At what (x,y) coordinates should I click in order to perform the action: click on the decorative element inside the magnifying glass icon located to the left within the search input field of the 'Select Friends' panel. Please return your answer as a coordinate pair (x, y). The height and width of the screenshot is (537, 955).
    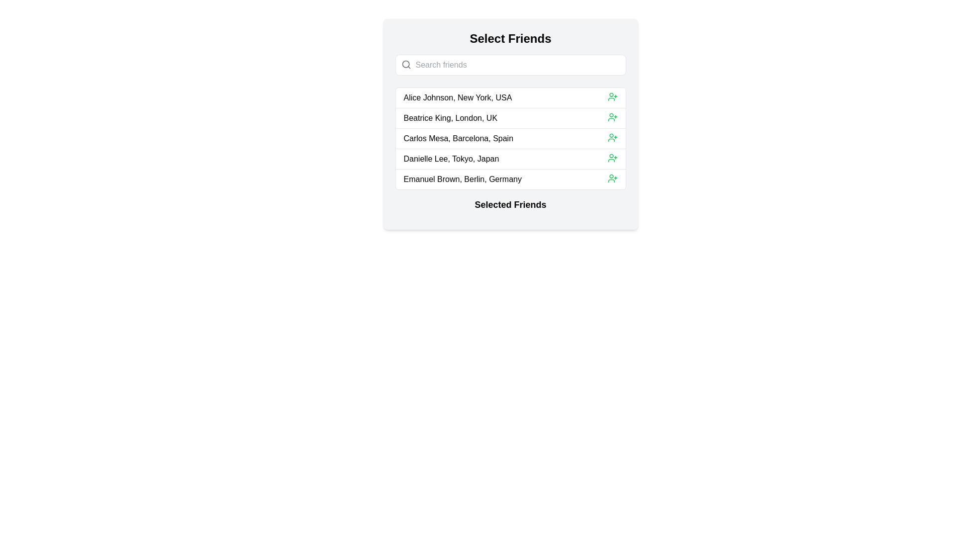
    Looking at the image, I should click on (405, 64).